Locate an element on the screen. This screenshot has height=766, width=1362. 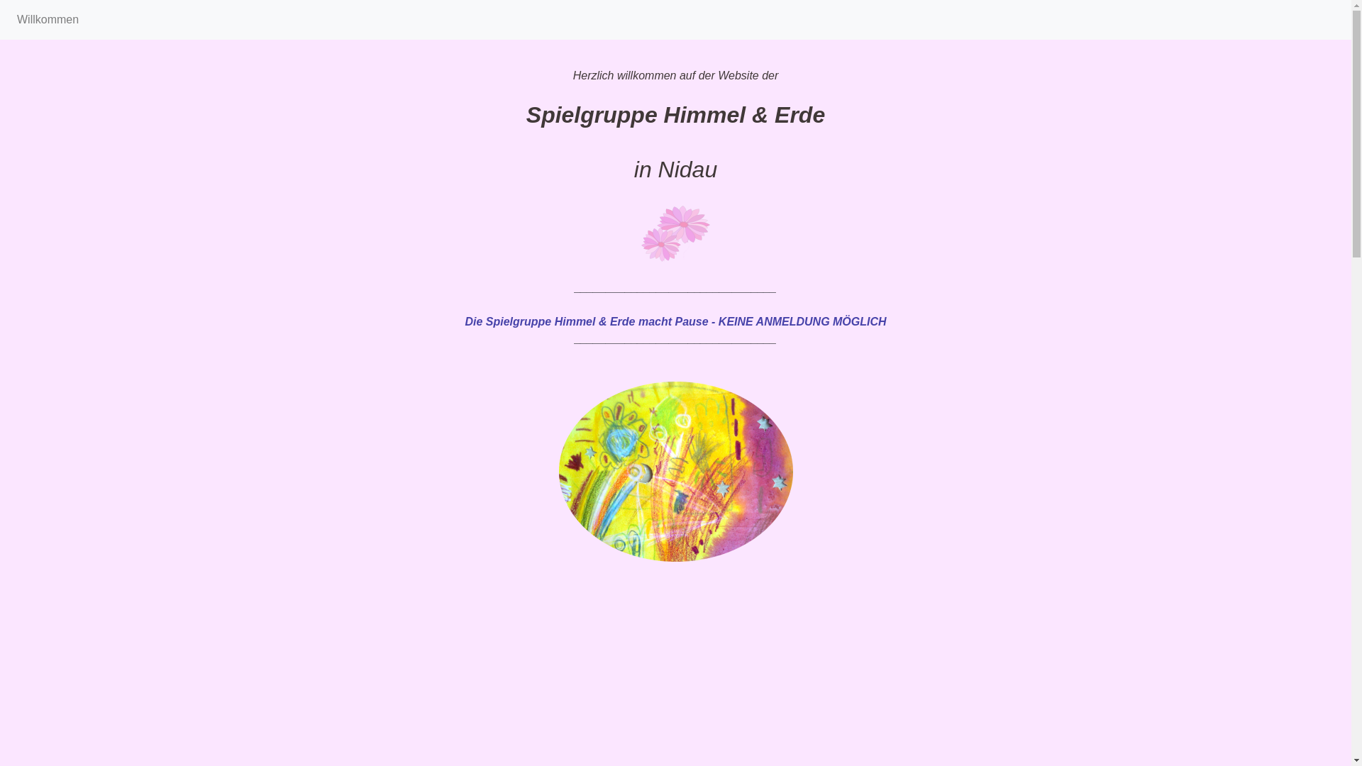
'Willkommen' is located at coordinates (48, 19).